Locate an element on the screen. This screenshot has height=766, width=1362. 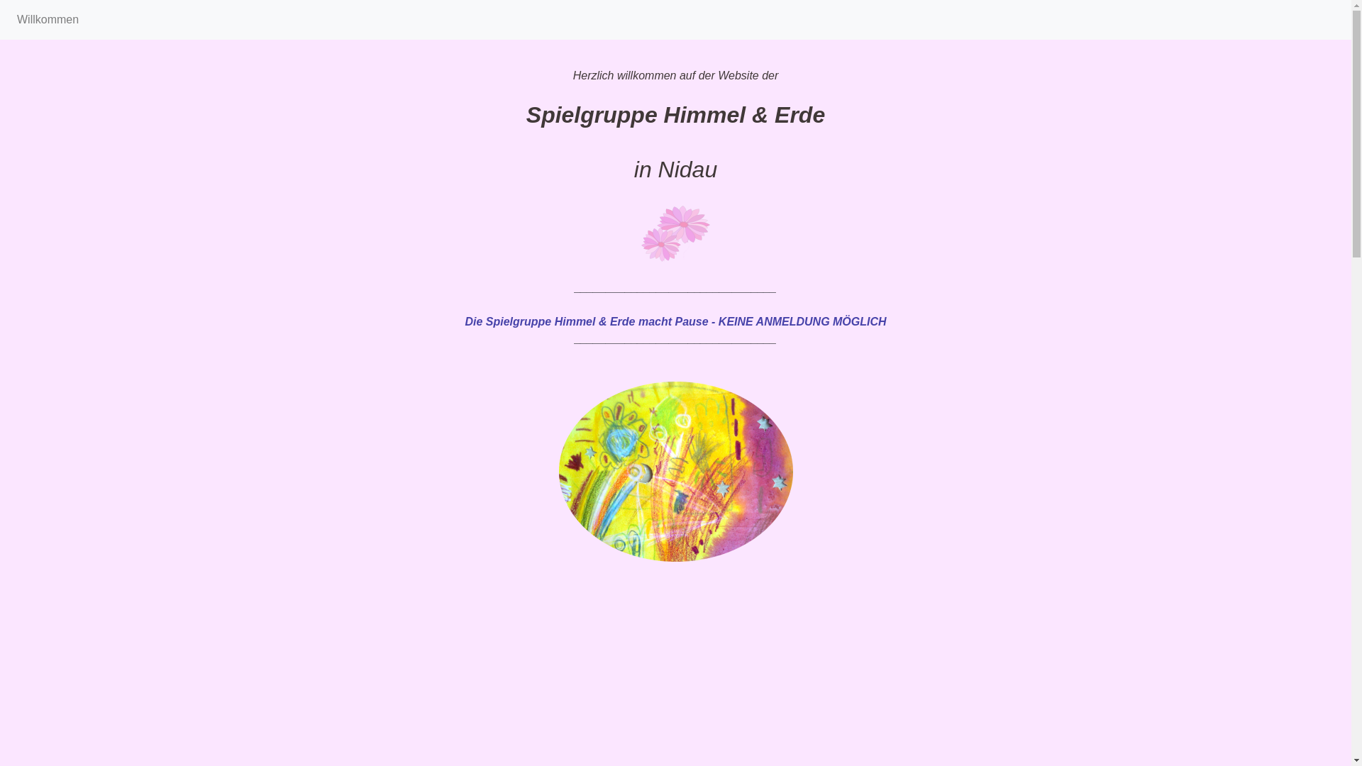
'Willkommen' is located at coordinates (48, 19).